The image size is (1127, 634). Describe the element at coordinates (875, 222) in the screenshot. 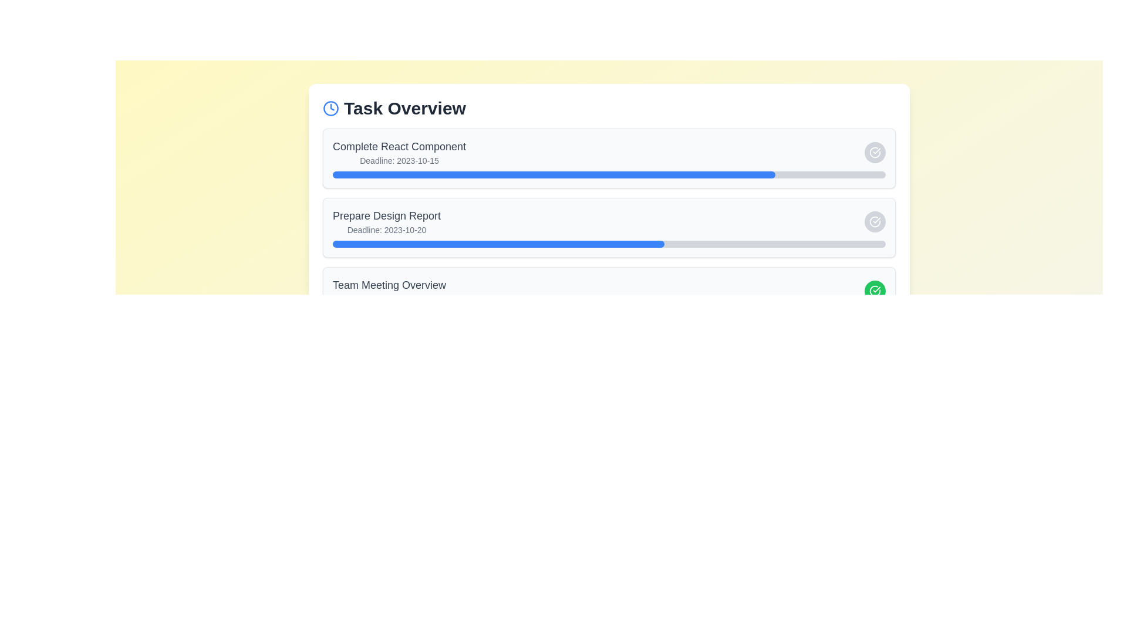

I see `the circular button with a light gray background and a white checkmark icon to mark the task as completed` at that location.